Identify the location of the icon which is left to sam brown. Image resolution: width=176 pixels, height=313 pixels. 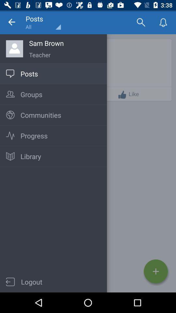
(14, 48).